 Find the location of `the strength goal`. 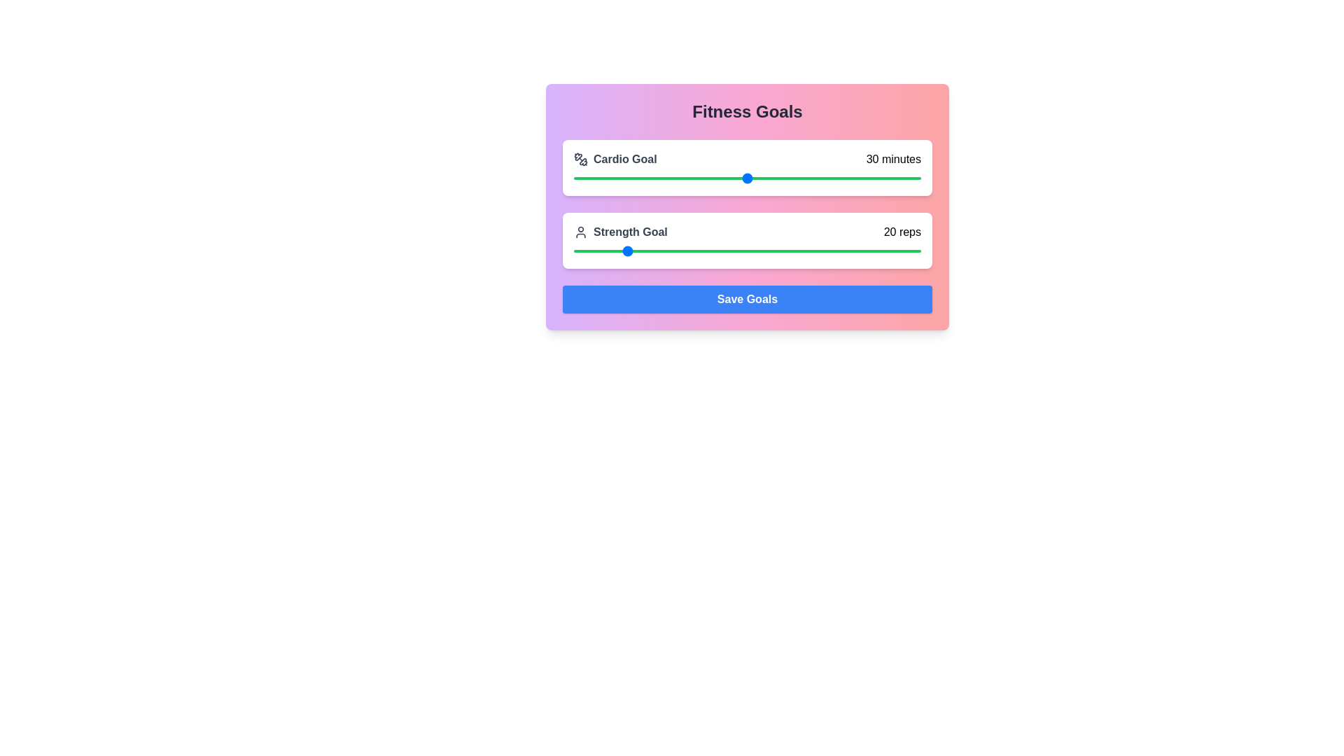

the strength goal is located at coordinates (603, 250).